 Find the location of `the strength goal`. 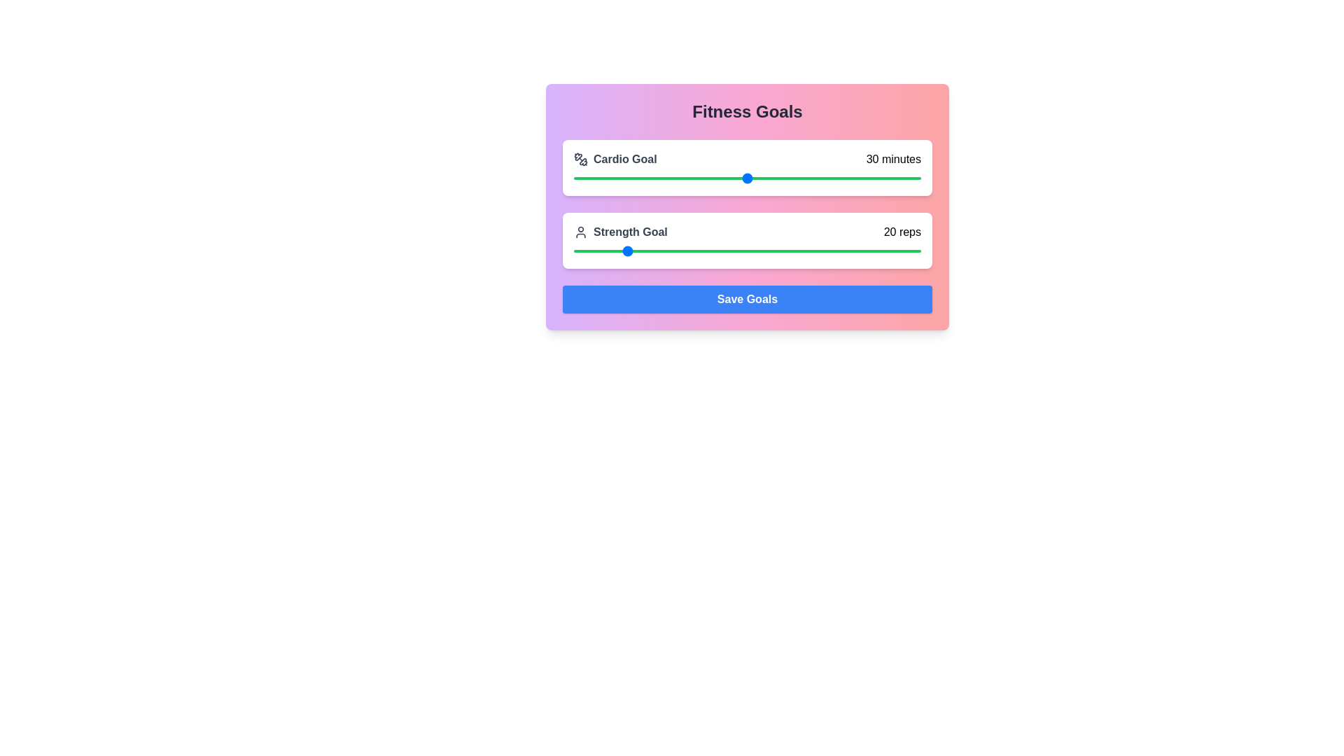

the strength goal is located at coordinates (603, 250).